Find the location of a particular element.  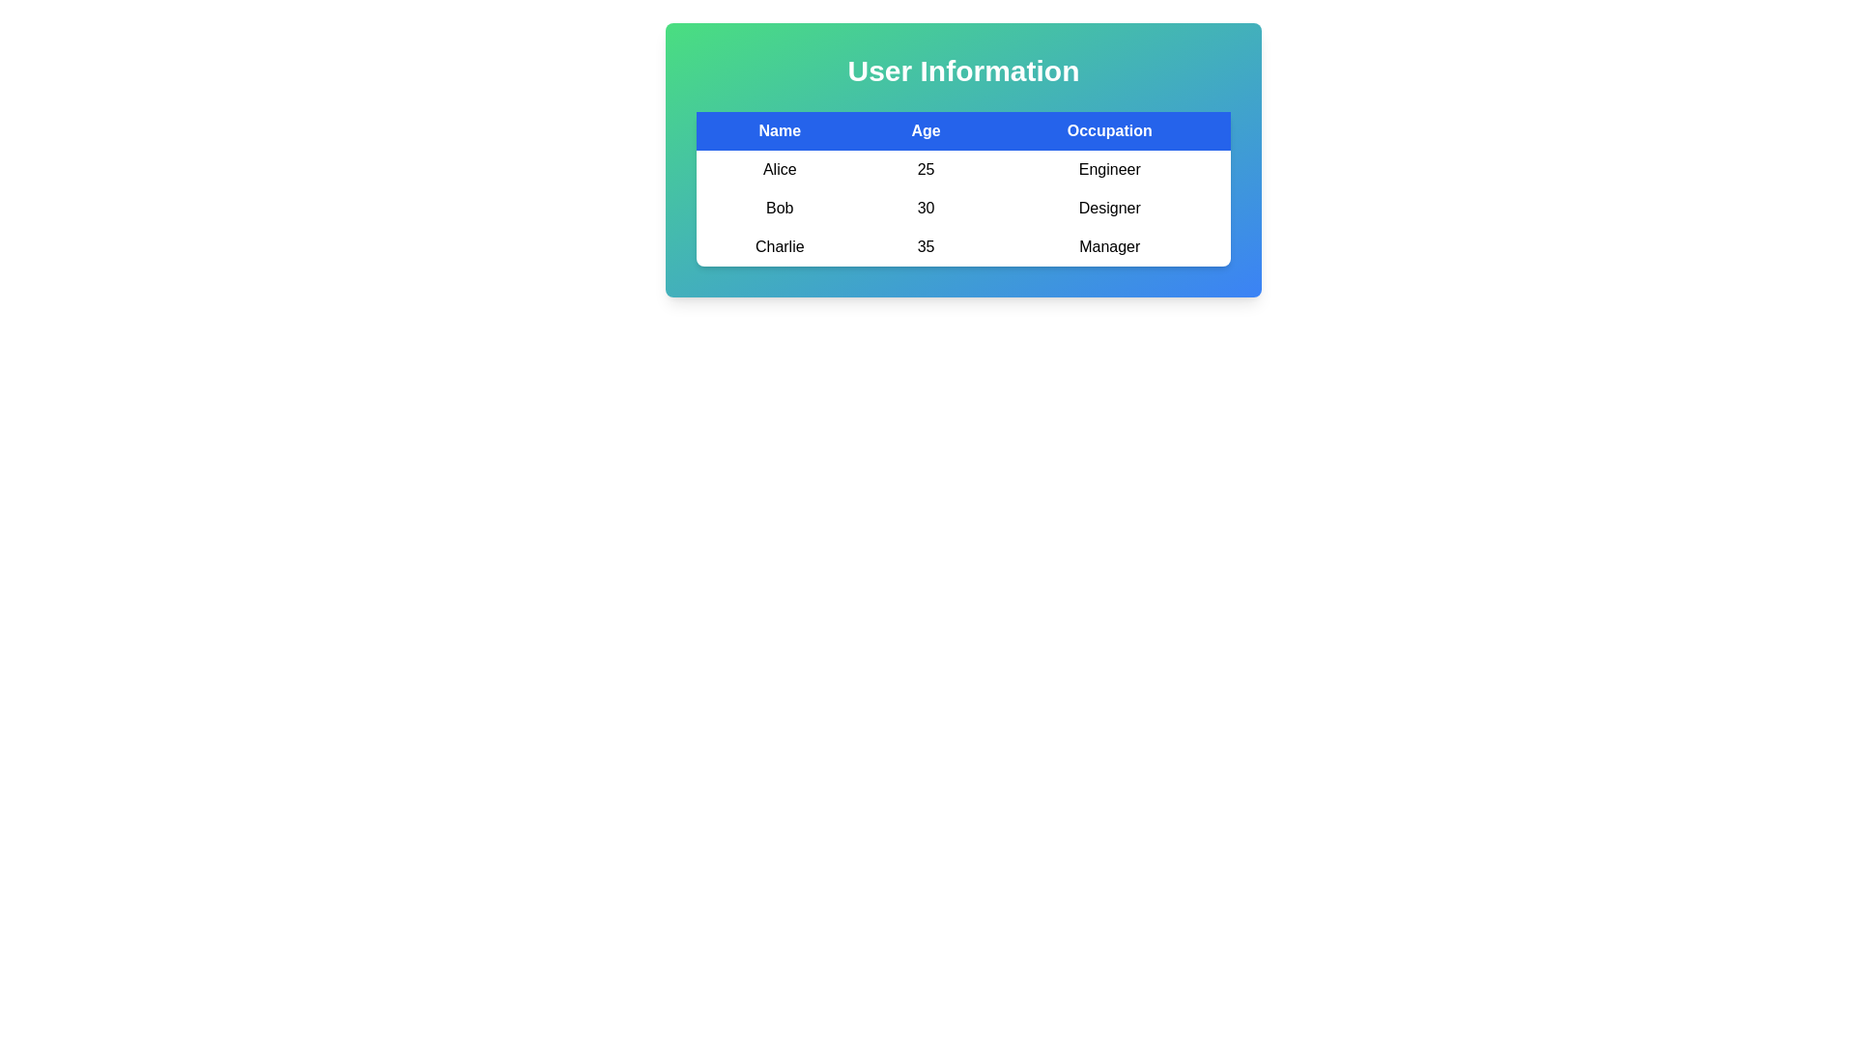

the text label identifying the occupation of the user 'Bob' in the 'Occupation' column of the second row of the table beneath the 'User Information' header is located at coordinates (1109, 209).